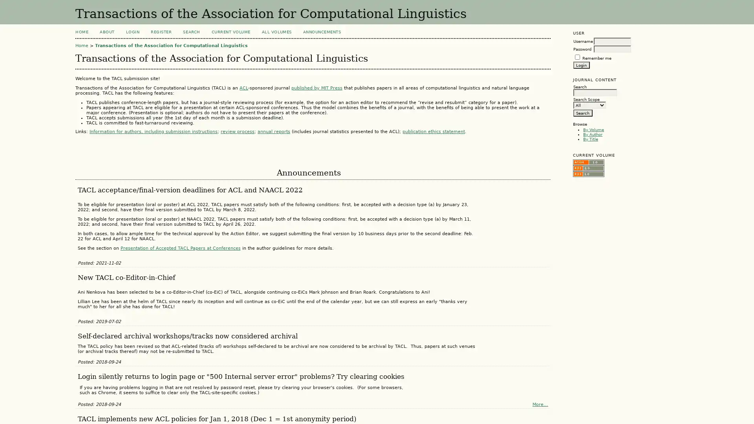  I want to click on Login, so click(581, 64).